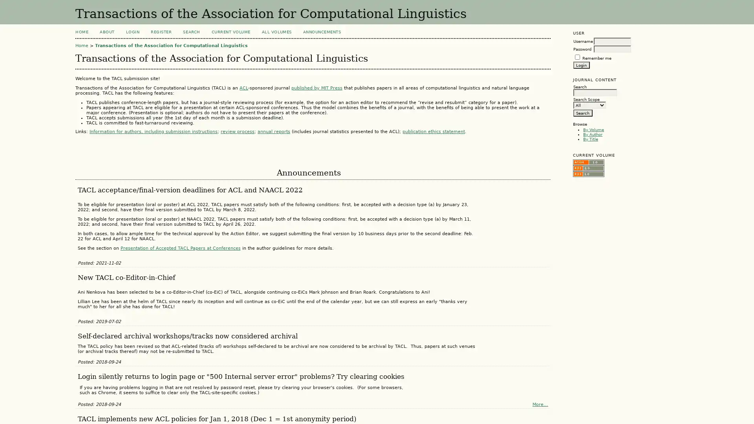  I want to click on Login, so click(581, 64).